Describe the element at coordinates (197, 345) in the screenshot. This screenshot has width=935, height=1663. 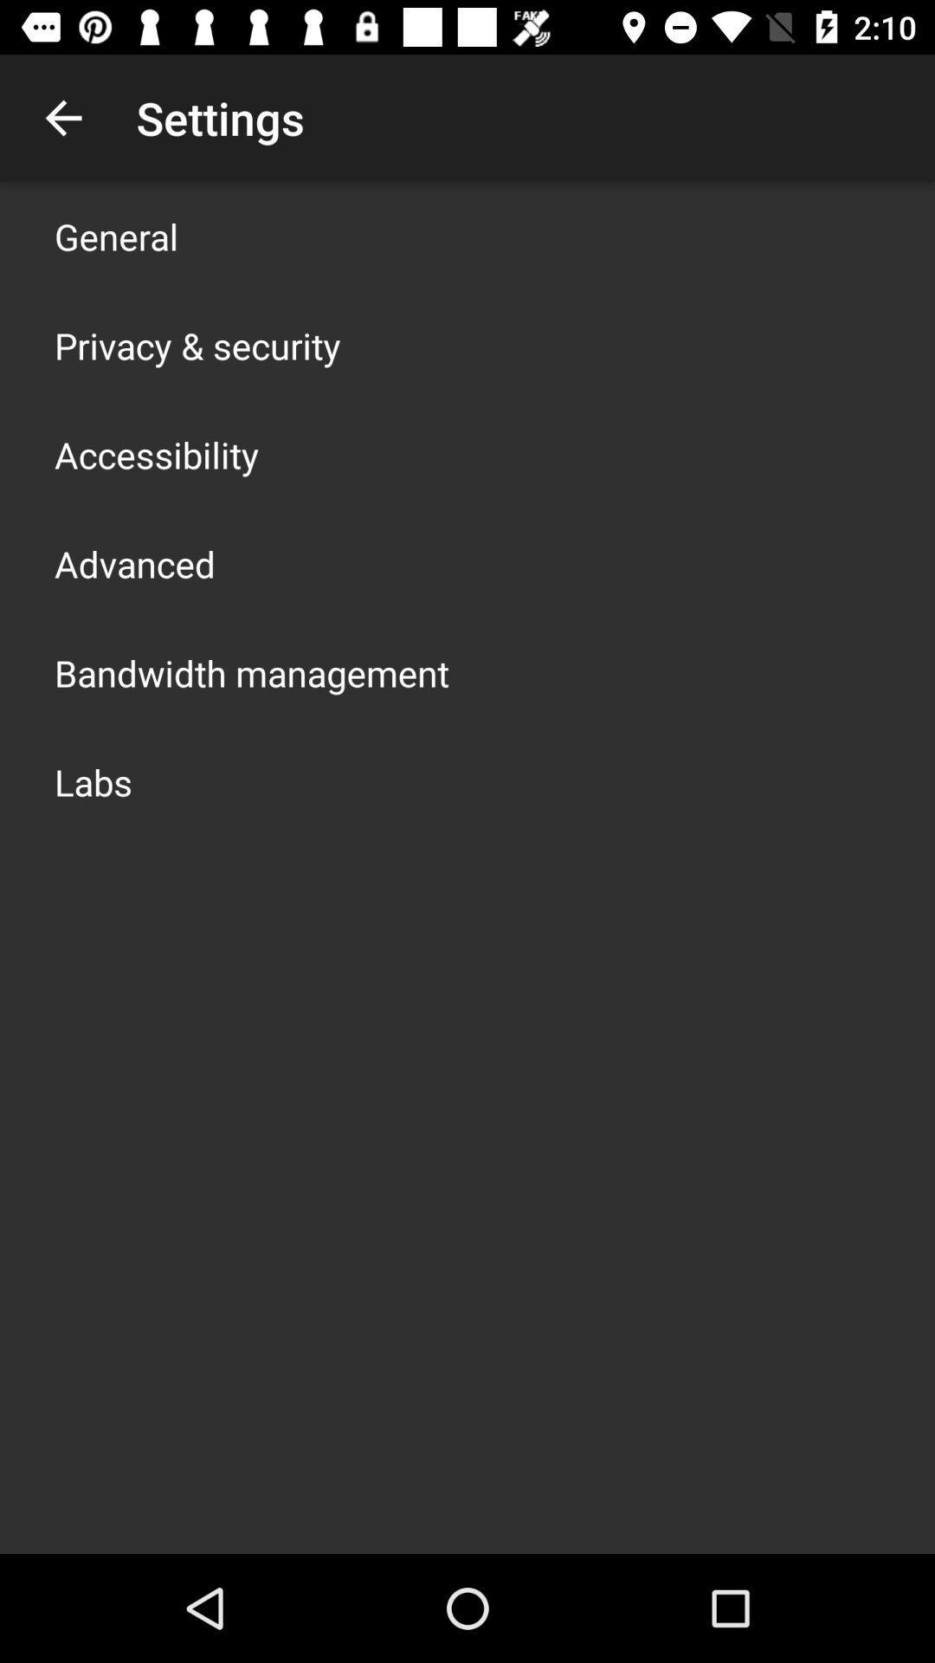
I see `privacy & security item` at that location.